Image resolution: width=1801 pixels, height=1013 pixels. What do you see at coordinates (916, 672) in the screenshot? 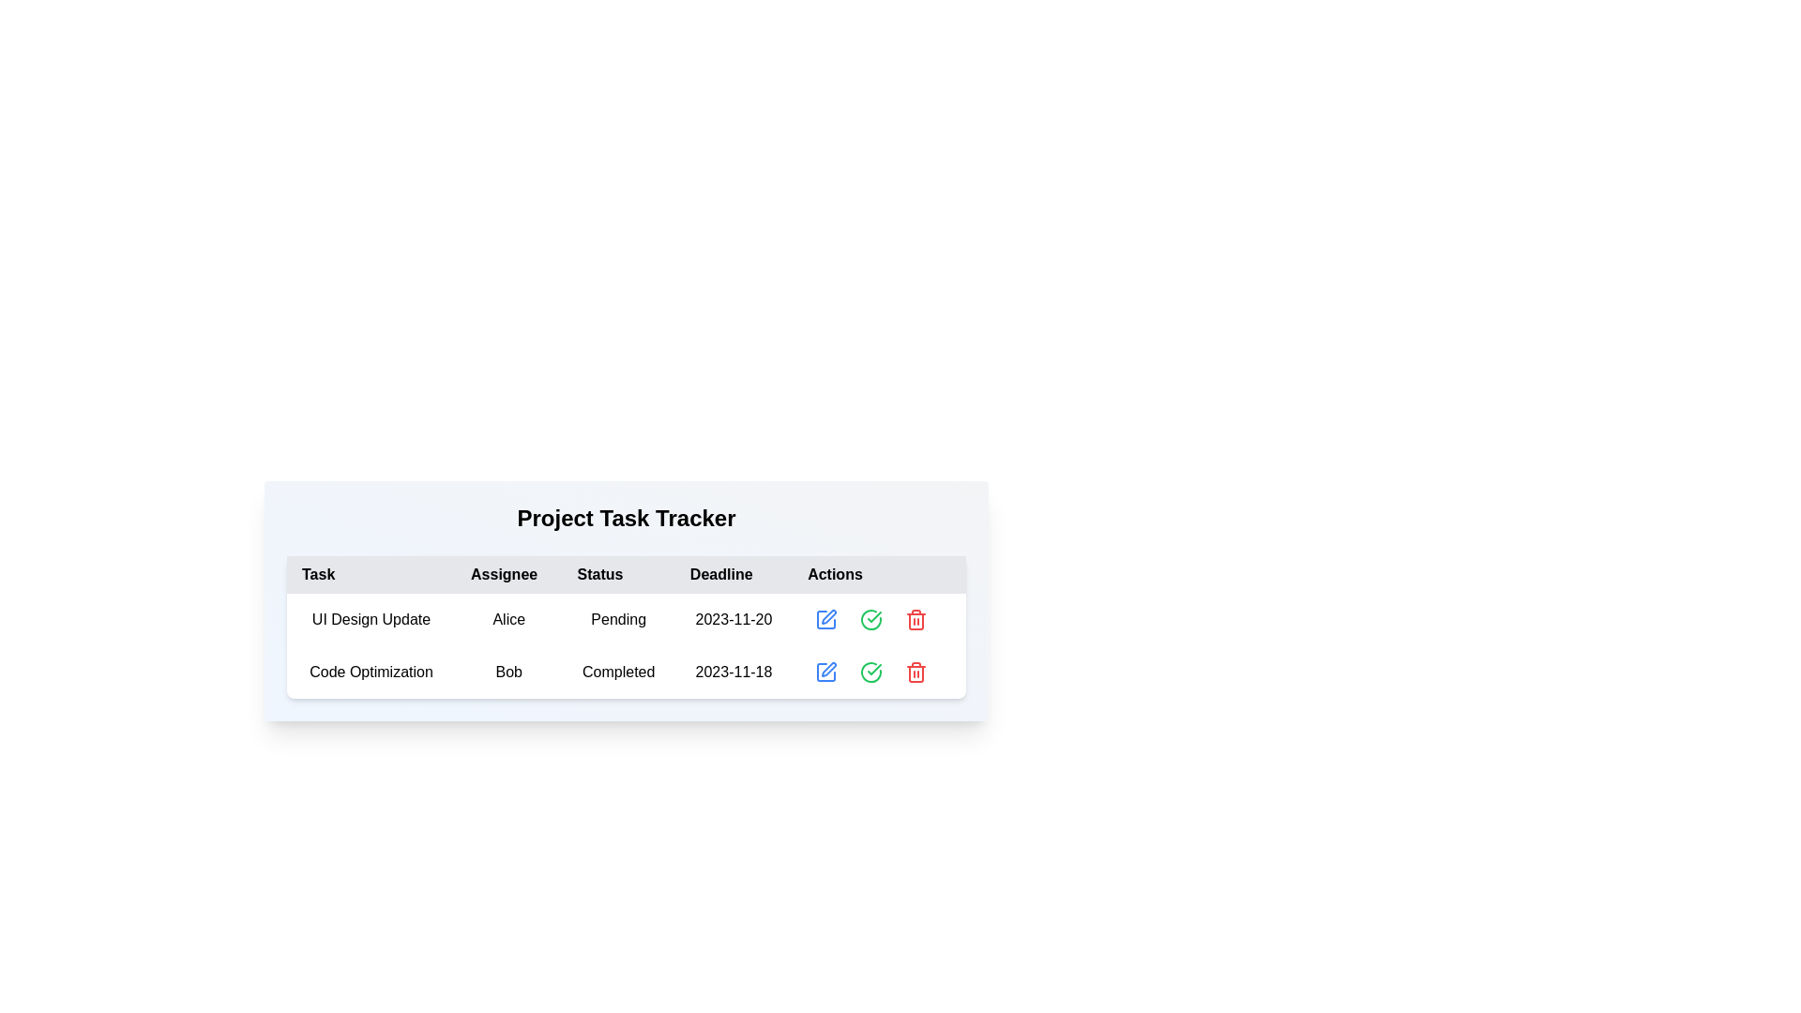
I see `the deletion icon located in the 'Actions' column of the second row of the table` at bounding box center [916, 672].